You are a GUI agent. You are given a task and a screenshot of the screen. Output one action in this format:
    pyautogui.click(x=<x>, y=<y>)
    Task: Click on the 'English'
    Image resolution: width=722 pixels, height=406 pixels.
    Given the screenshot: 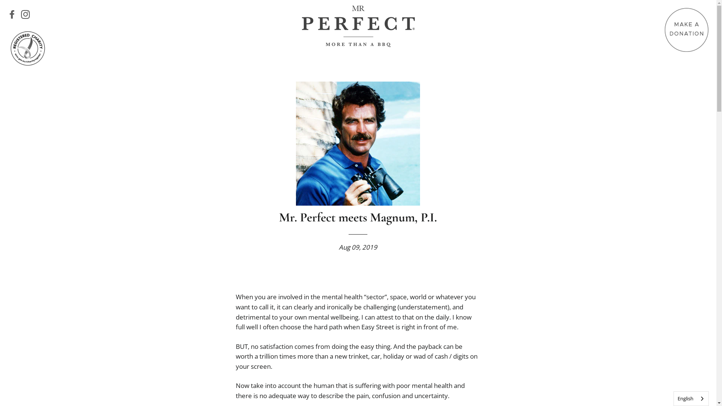 What is the action you would take?
    pyautogui.click(x=691, y=398)
    